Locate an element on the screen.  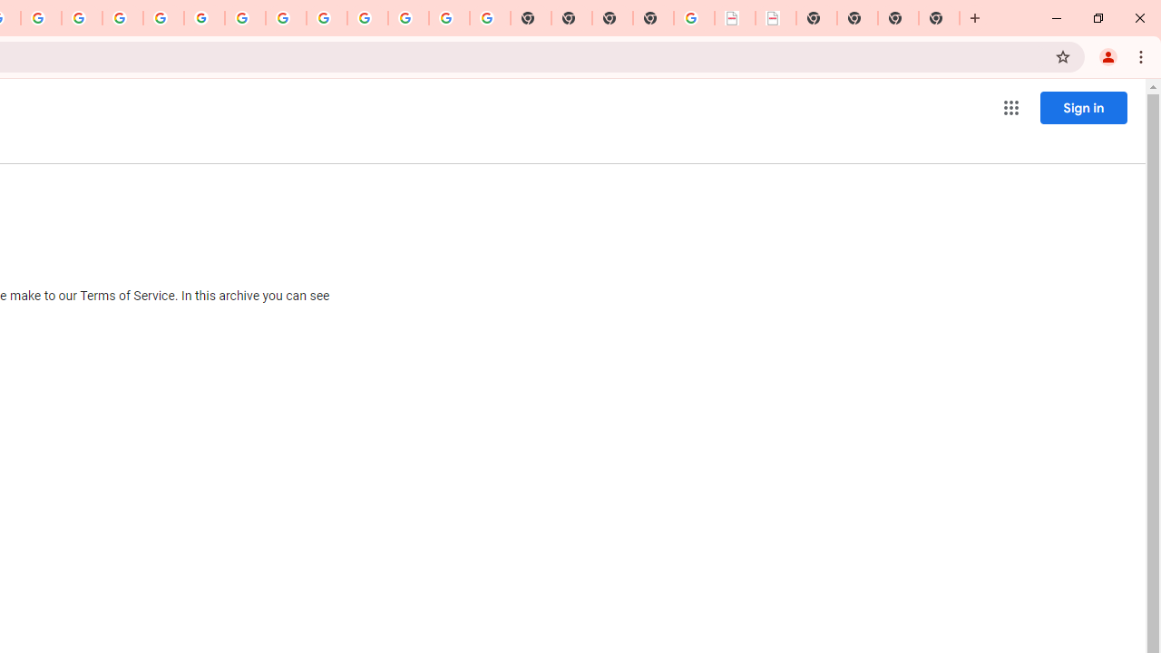
'New Tab' is located at coordinates (653, 18).